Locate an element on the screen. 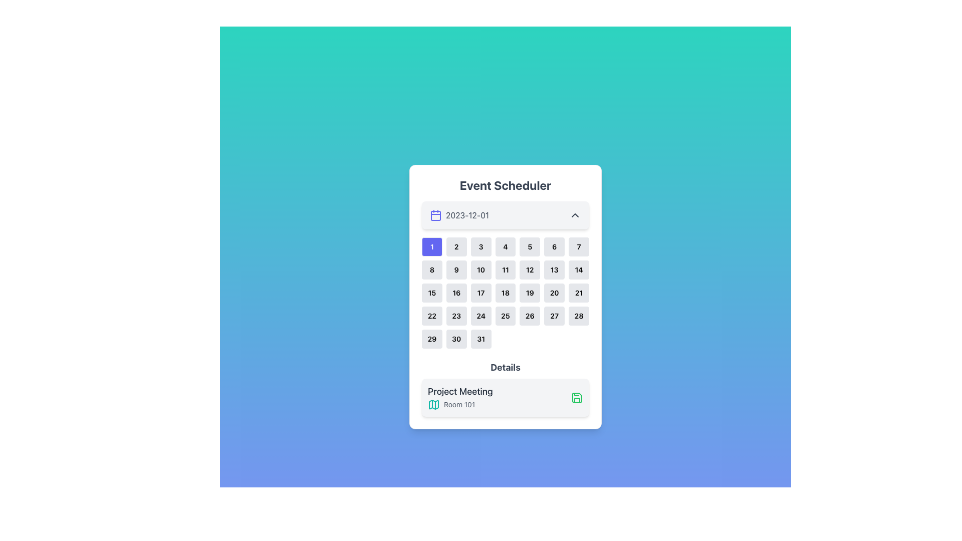 The height and width of the screenshot is (541, 962). the selectable calendar date button located in the fourth row and first column of the calendar matrix is located at coordinates (432, 316).